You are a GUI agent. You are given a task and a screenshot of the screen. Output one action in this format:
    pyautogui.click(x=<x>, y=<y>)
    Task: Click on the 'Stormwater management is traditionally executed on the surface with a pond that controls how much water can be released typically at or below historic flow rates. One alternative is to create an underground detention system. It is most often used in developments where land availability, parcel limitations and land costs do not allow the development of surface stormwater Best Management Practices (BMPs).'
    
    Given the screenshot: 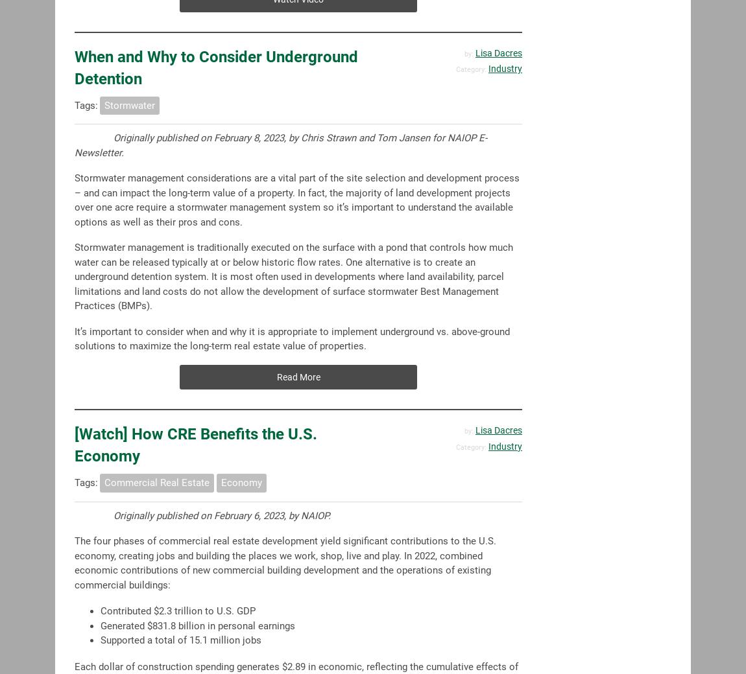 What is the action you would take?
    pyautogui.click(x=293, y=277)
    